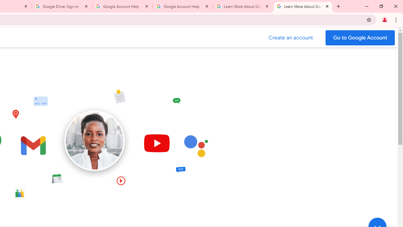 This screenshot has width=403, height=227. I want to click on 'Google Account Help', so click(122, 6).